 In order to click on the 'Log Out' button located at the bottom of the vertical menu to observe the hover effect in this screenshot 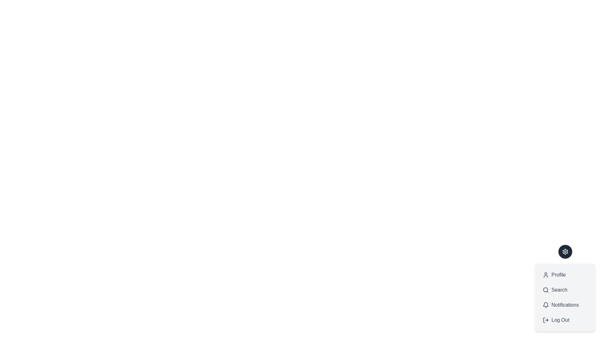, I will do `click(565, 320)`.